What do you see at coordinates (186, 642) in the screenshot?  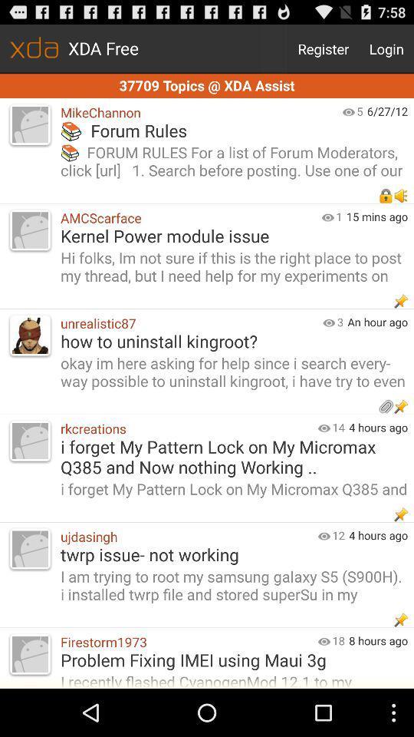 I see `the icon below i am trying item` at bounding box center [186, 642].